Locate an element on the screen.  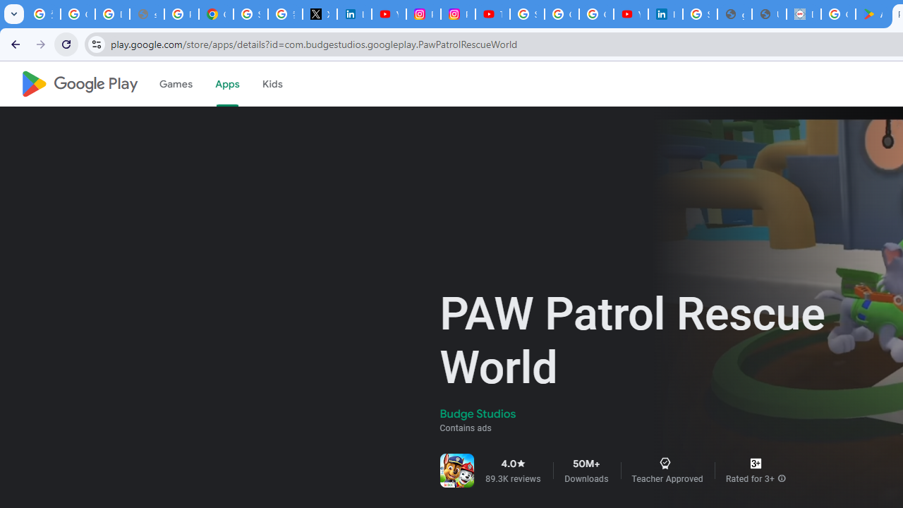
'Sign in - Google Accounts' is located at coordinates (250, 14).